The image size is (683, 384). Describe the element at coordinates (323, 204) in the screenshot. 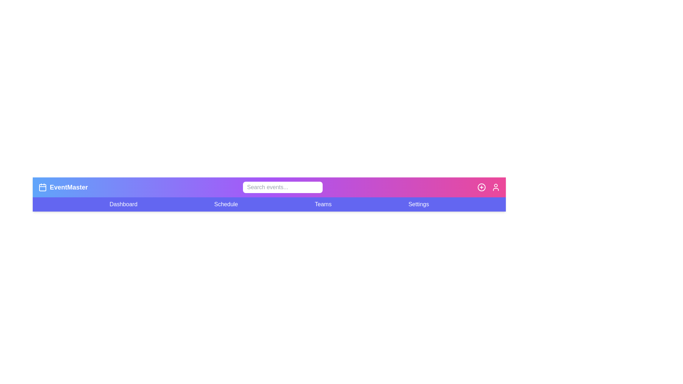

I see `the menu item Teams to navigate` at that location.